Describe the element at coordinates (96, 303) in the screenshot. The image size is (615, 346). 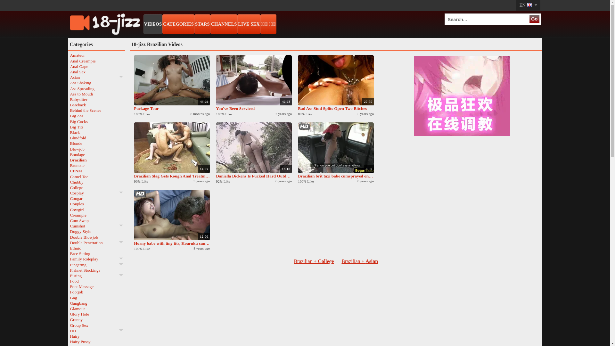
I see `'Gangbang'` at that location.